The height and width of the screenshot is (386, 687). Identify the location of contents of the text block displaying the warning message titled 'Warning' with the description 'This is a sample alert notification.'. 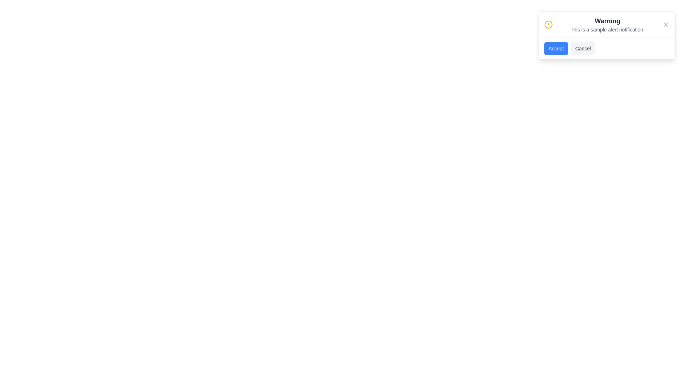
(607, 24).